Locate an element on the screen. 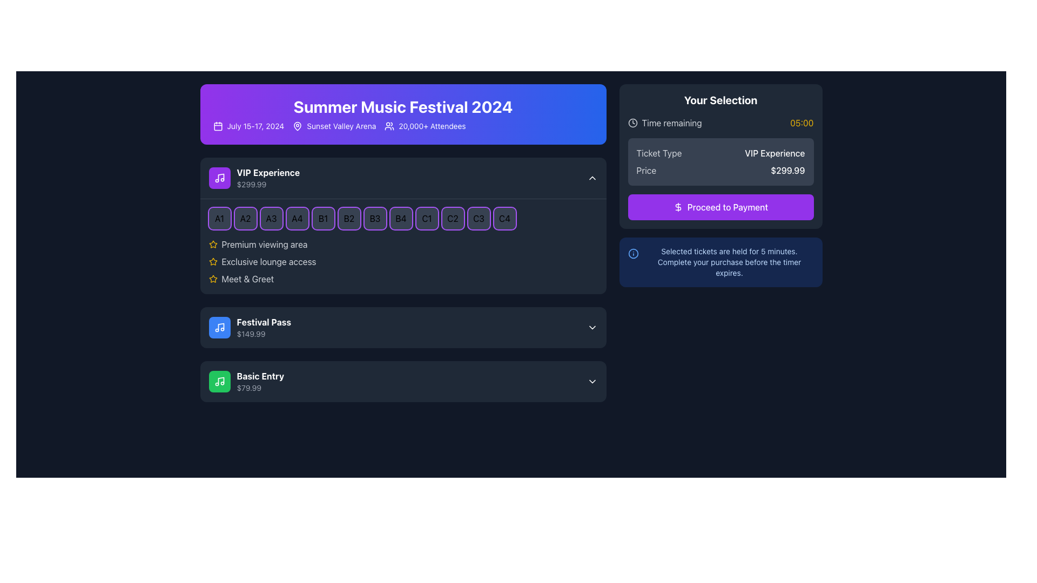  to select the 'Basic Entry' ticket option in the selectable list for the Summer Music Festival 2024 is located at coordinates (402, 381).